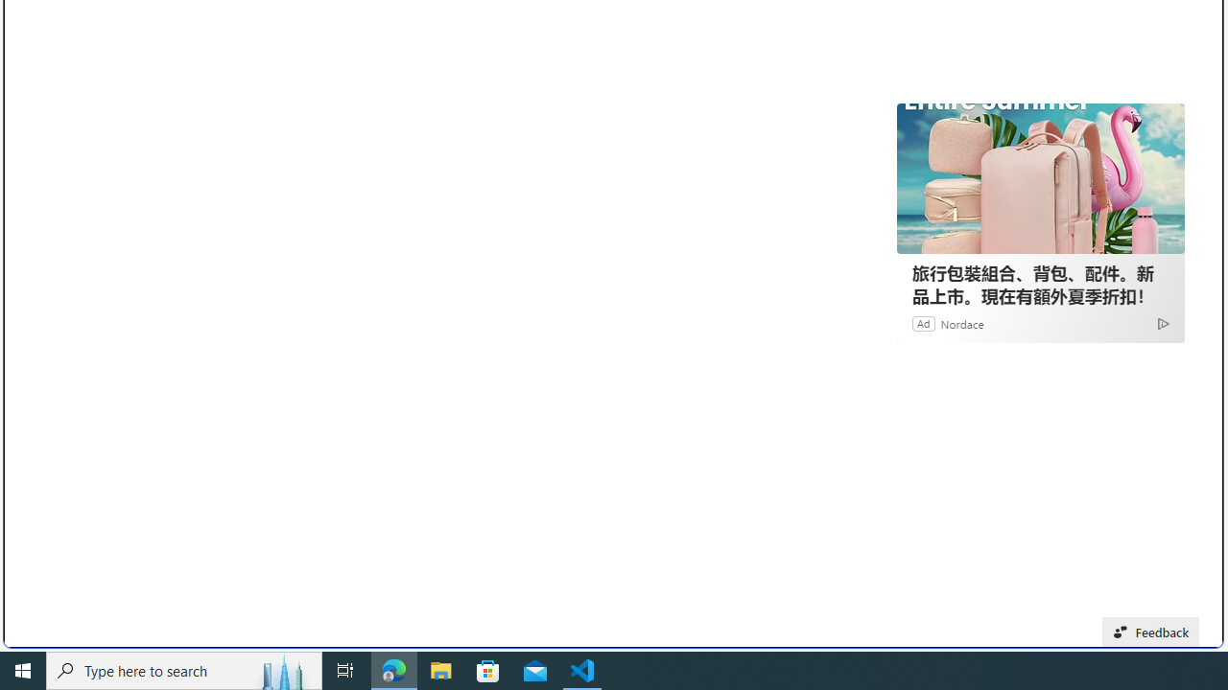 The width and height of the screenshot is (1228, 690). What do you see at coordinates (962, 322) in the screenshot?
I see `'Nordace'` at bounding box center [962, 322].